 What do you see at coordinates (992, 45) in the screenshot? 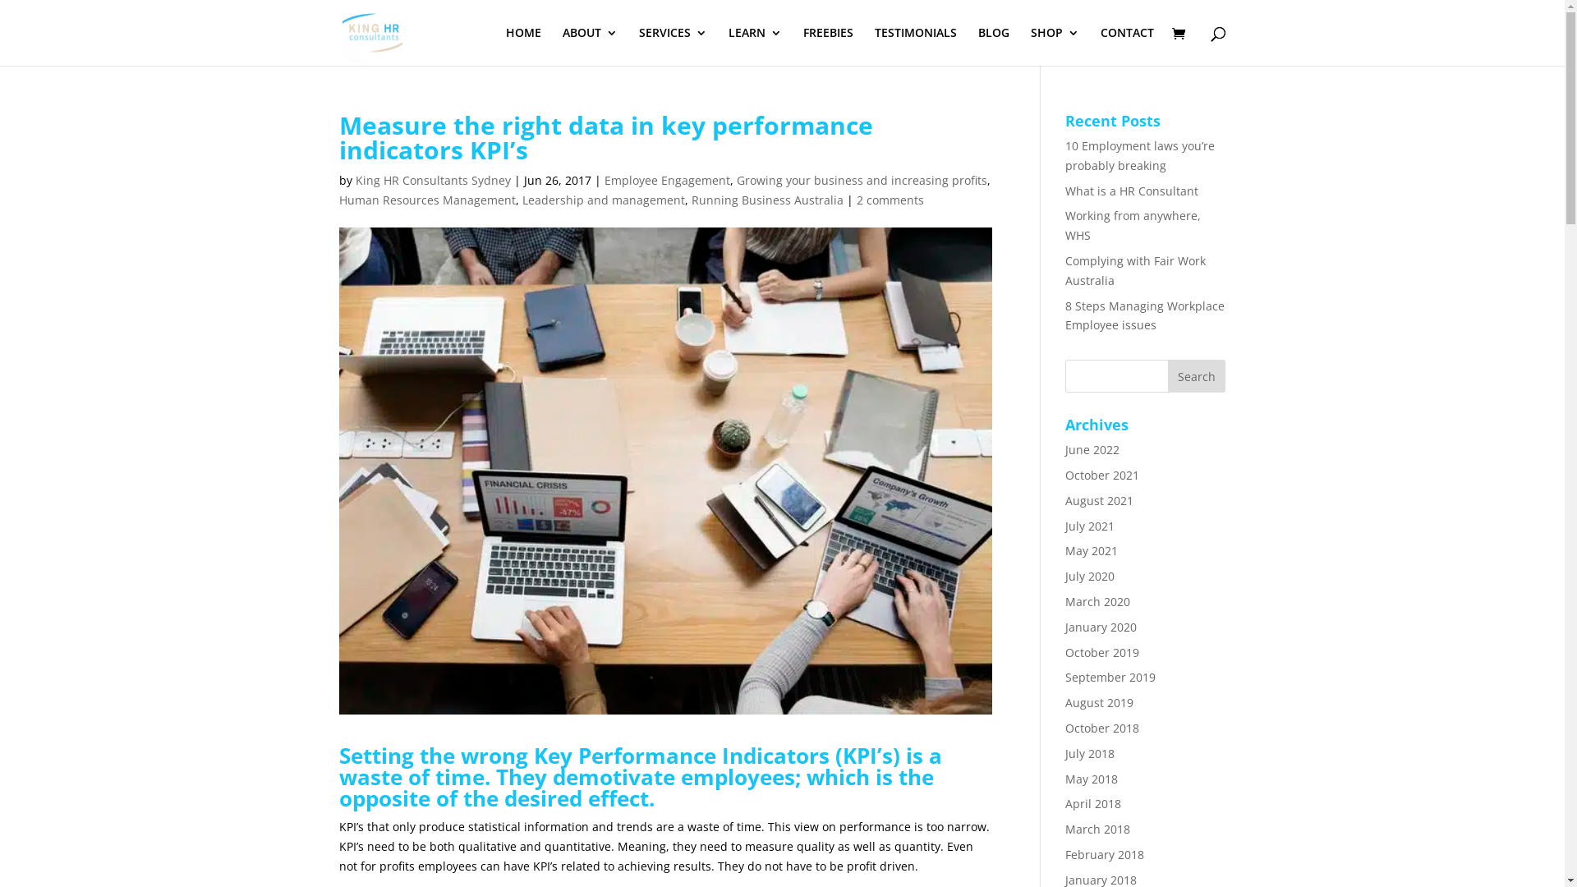
I see `'BLOG'` at bounding box center [992, 45].